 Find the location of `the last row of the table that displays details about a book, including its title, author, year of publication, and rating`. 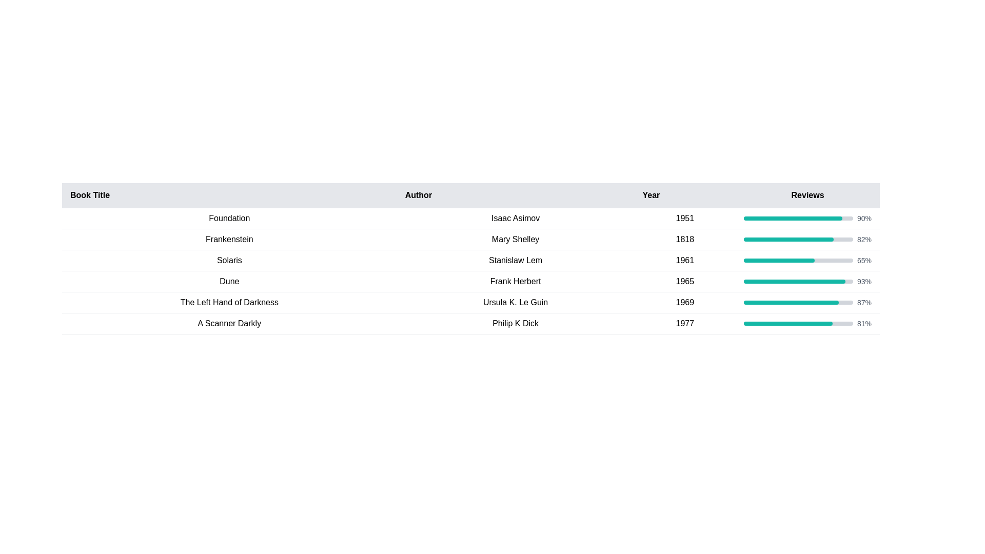

the last row of the table that displays details about a book, including its title, author, year of publication, and rating is located at coordinates (470, 324).